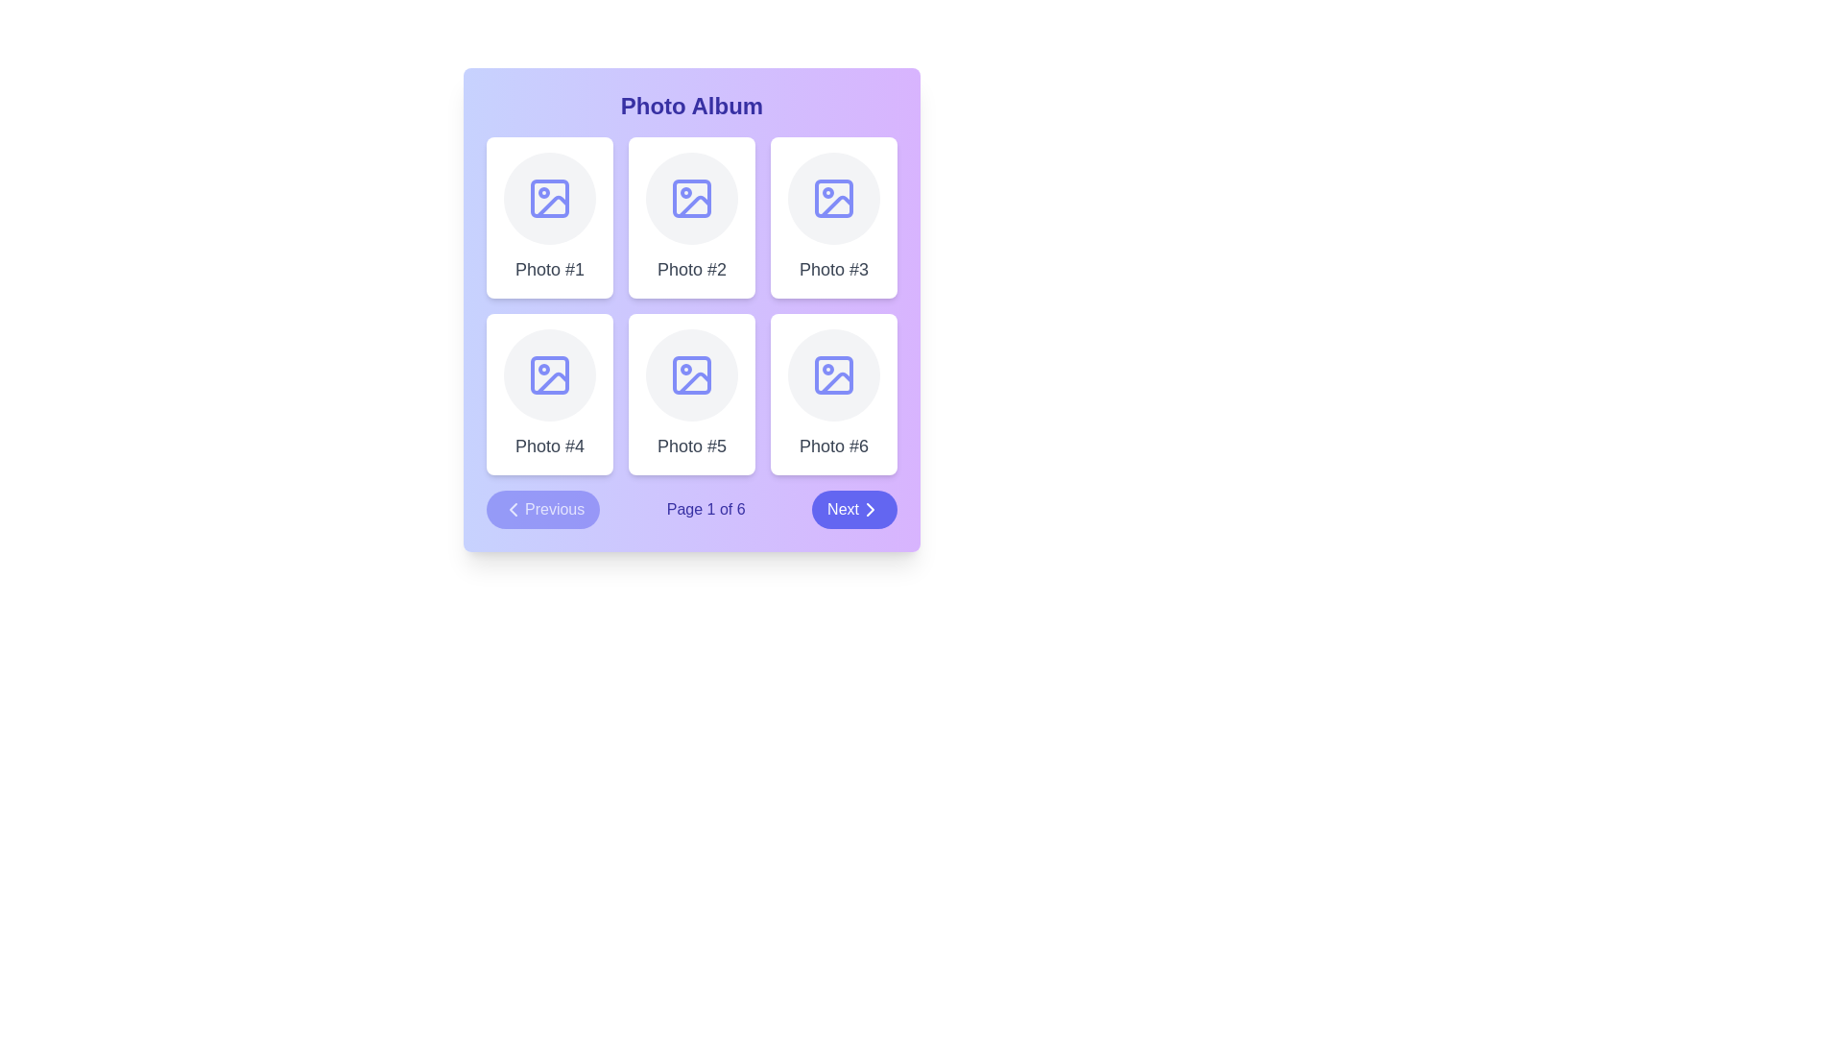  Describe the element at coordinates (548, 446) in the screenshot. I see `the static text label displaying 'Photo #4', which is located at the bottom of a card in a photo album interface` at that location.